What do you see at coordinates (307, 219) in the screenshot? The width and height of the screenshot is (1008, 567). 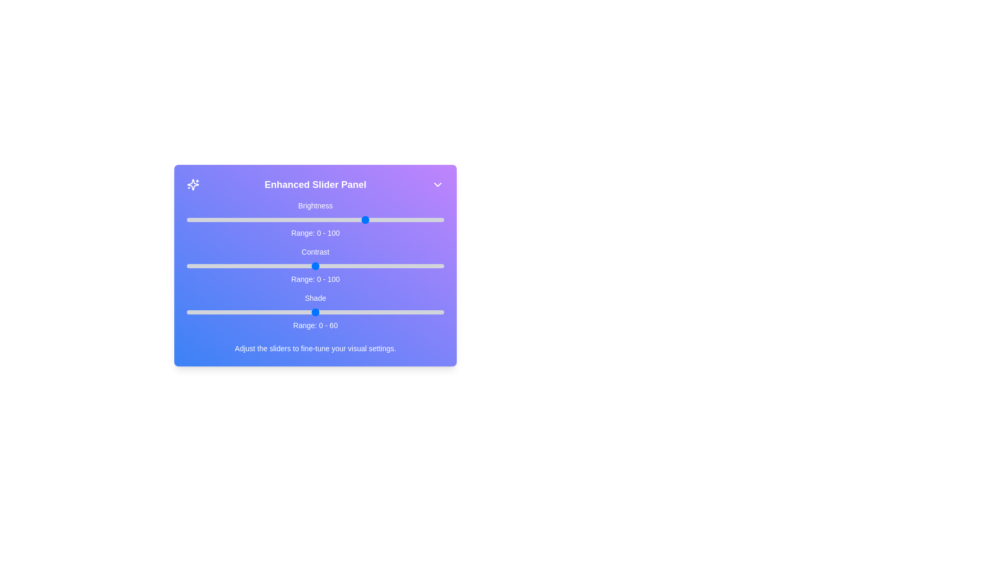 I see `the 0 slider to 47` at bounding box center [307, 219].